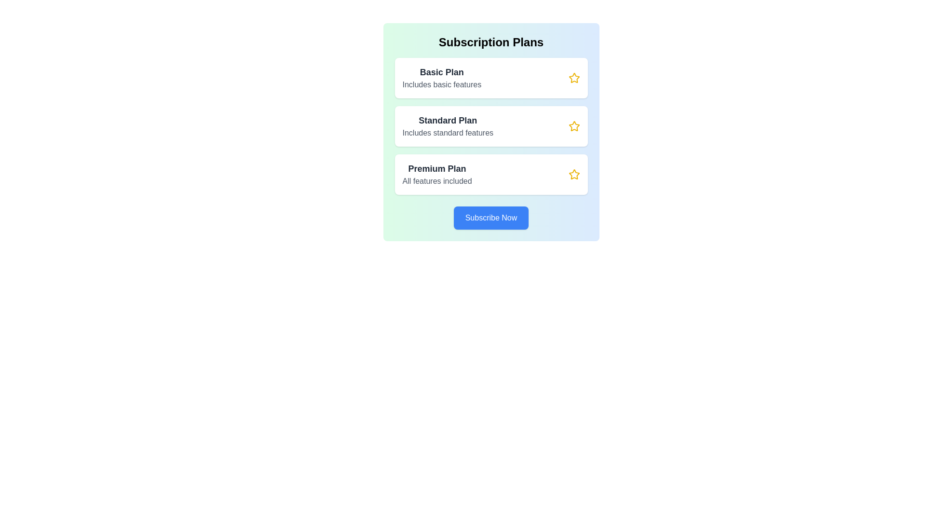 The image size is (926, 521). Describe the element at coordinates (574, 126) in the screenshot. I see `star icon associated with the Standard plan` at that location.